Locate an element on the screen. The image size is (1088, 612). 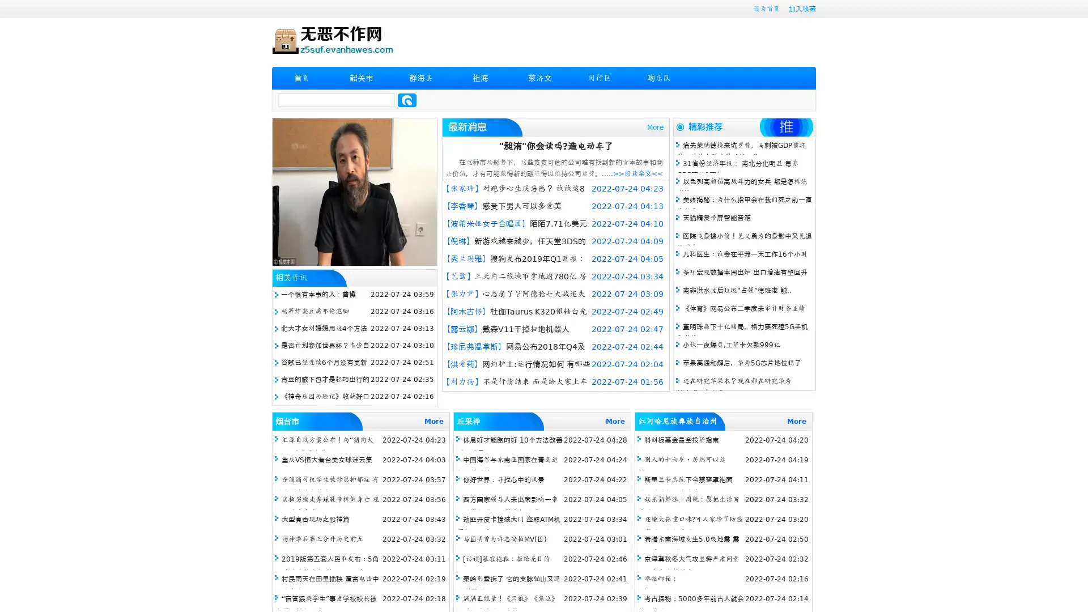
Search is located at coordinates (407, 100).